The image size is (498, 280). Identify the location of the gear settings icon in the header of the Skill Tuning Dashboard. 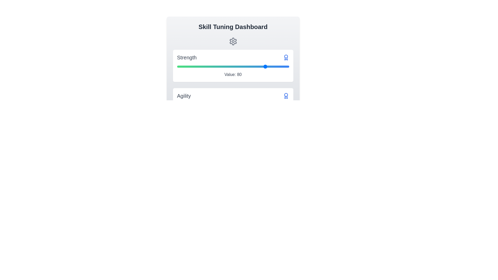
(233, 41).